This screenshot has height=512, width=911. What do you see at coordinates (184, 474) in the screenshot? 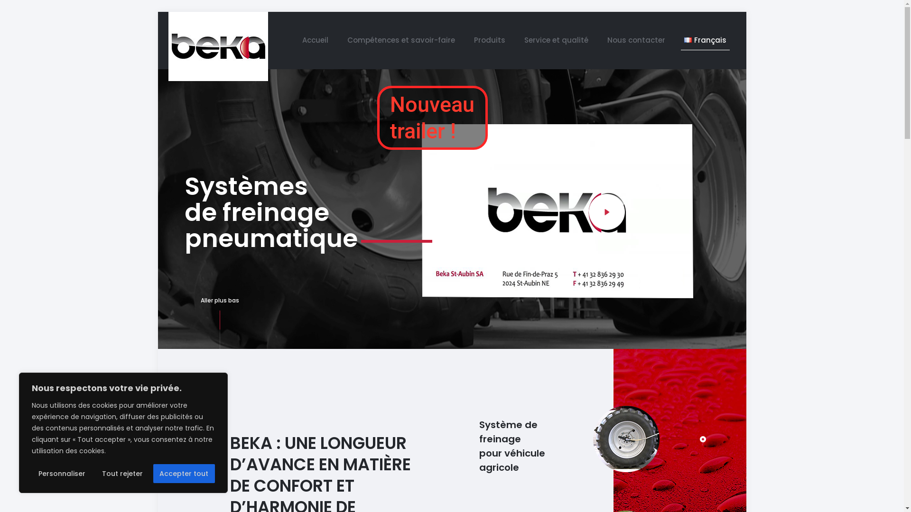
I see `'Accepter tout'` at bounding box center [184, 474].